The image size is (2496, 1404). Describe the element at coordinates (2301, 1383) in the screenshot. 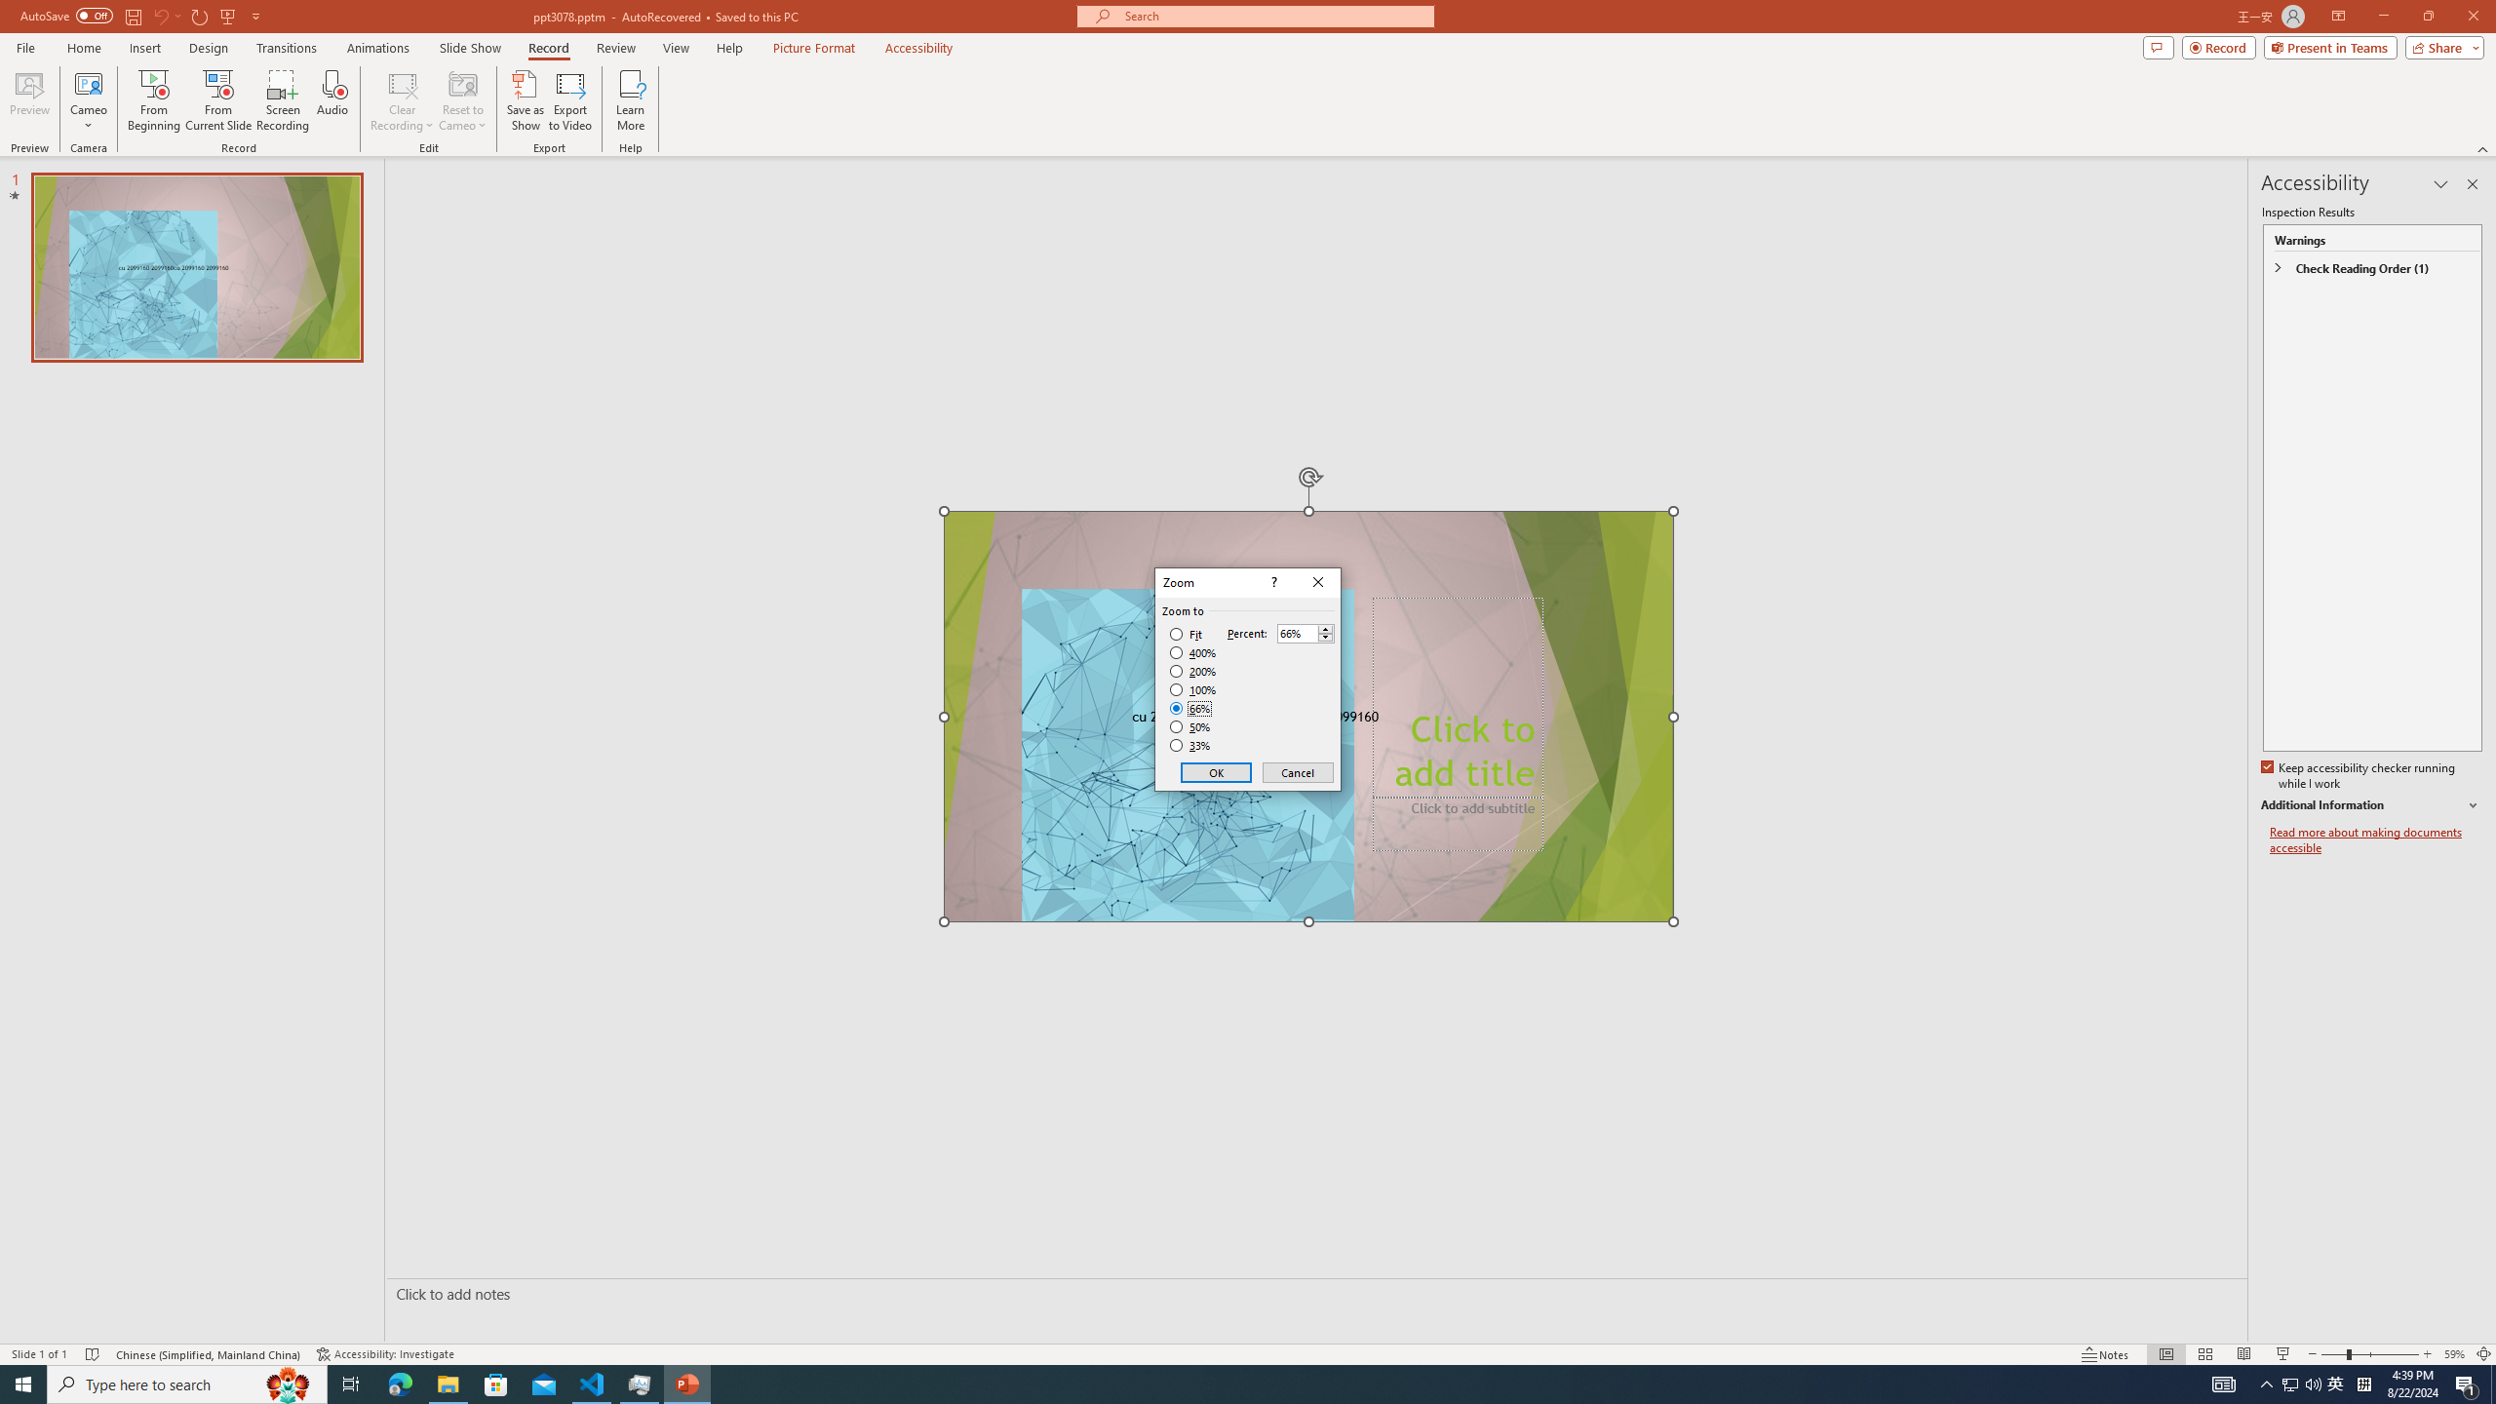

I see `'User Promoted Notification Area'` at that location.